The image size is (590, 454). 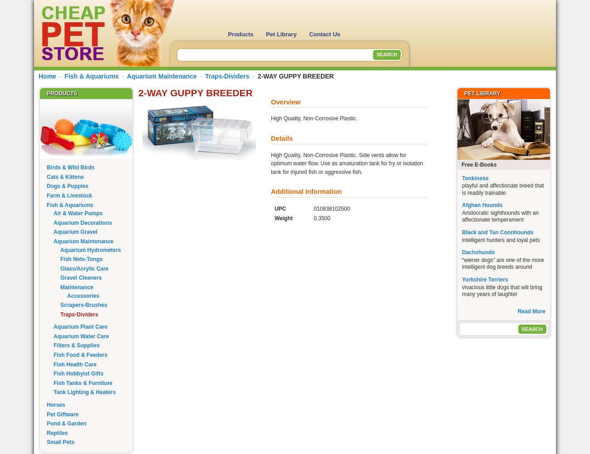 I want to click on 'Aquarium Water Care', so click(x=81, y=336).